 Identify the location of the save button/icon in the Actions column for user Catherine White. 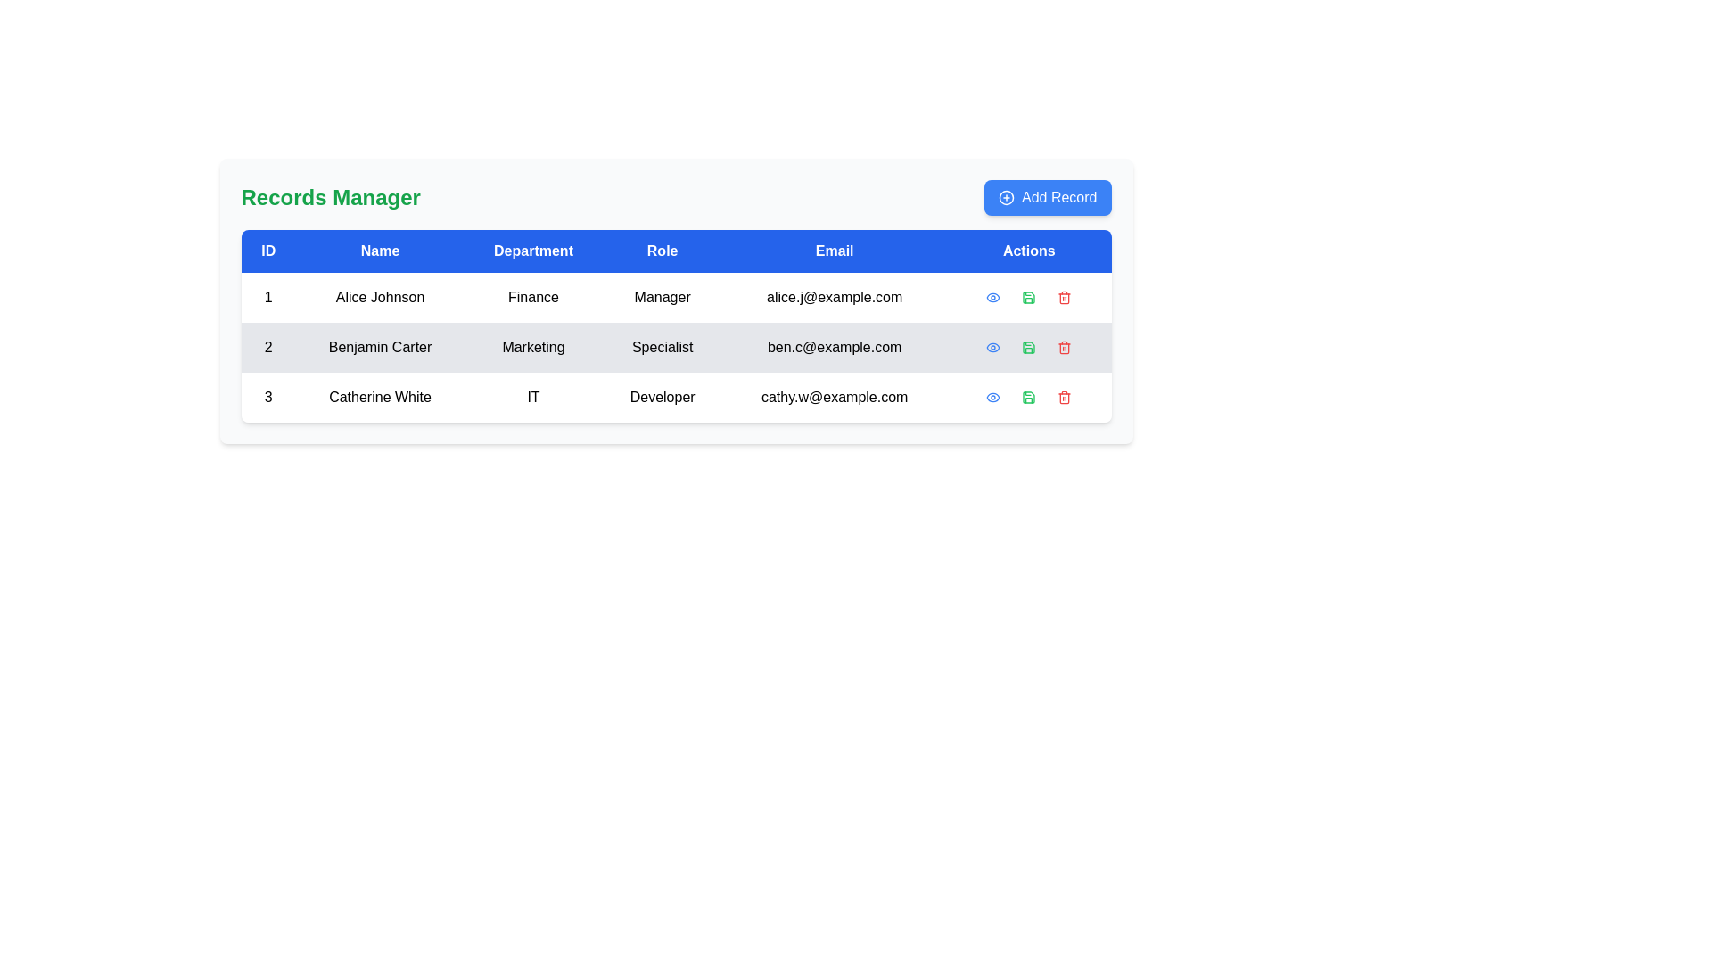
(1029, 397).